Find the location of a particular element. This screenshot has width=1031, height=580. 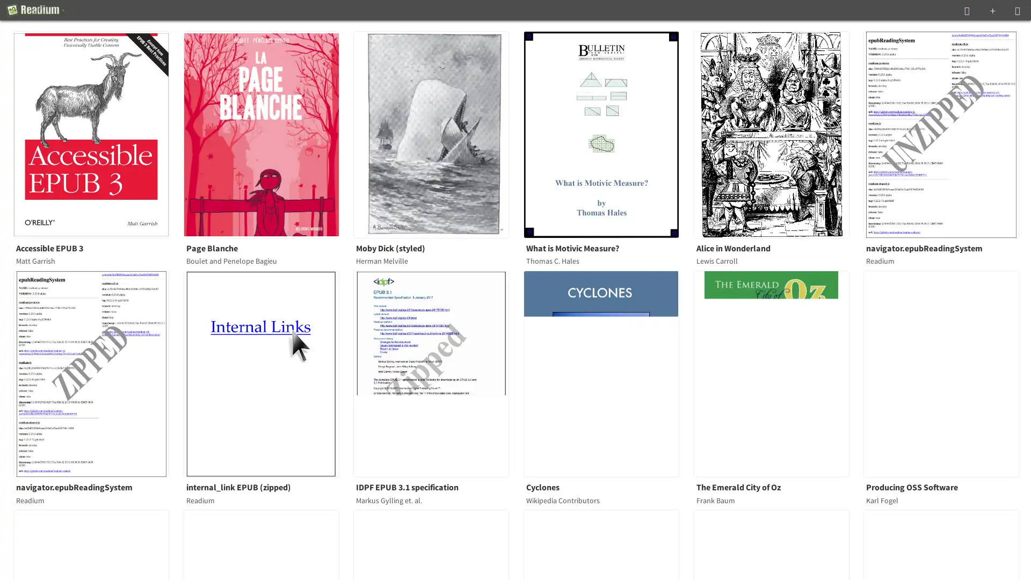

(7) navigator.epubReadingSystem is located at coordinates (98, 373).